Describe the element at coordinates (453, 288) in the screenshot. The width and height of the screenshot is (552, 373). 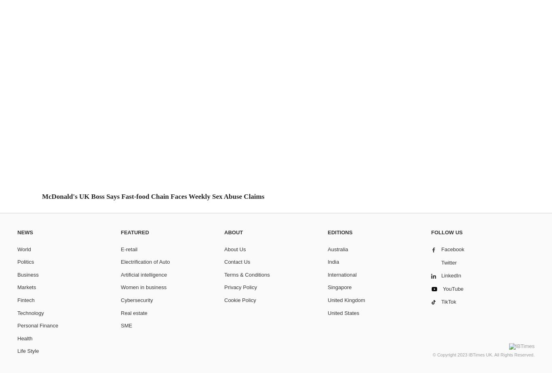
I see `'YouTube'` at that location.